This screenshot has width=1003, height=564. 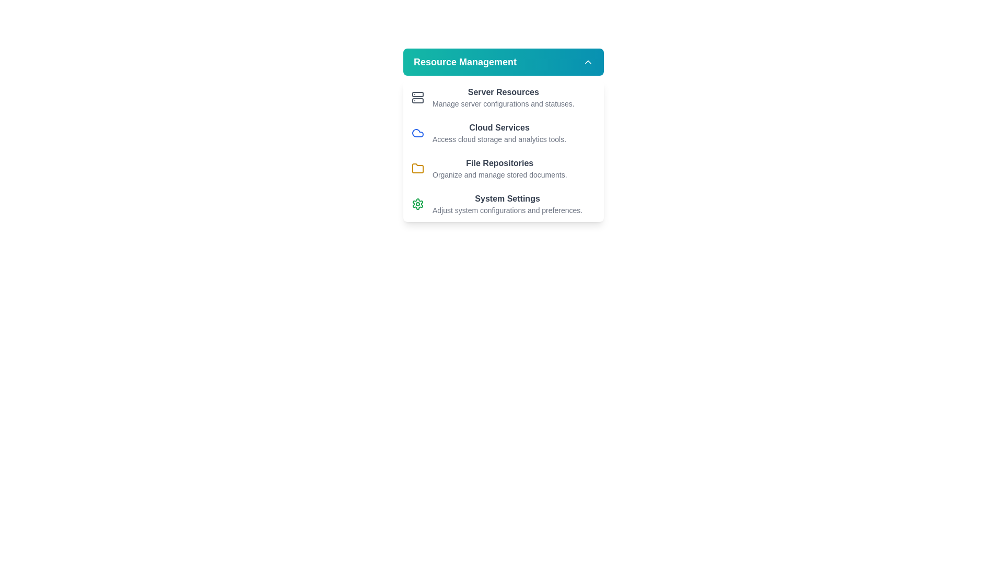 What do you see at coordinates (498, 138) in the screenshot?
I see `the text that provides additional information about the 'Cloud Services' section, which is located directly below the 'Cloud Services' heading in the vertically arranged menu` at bounding box center [498, 138].